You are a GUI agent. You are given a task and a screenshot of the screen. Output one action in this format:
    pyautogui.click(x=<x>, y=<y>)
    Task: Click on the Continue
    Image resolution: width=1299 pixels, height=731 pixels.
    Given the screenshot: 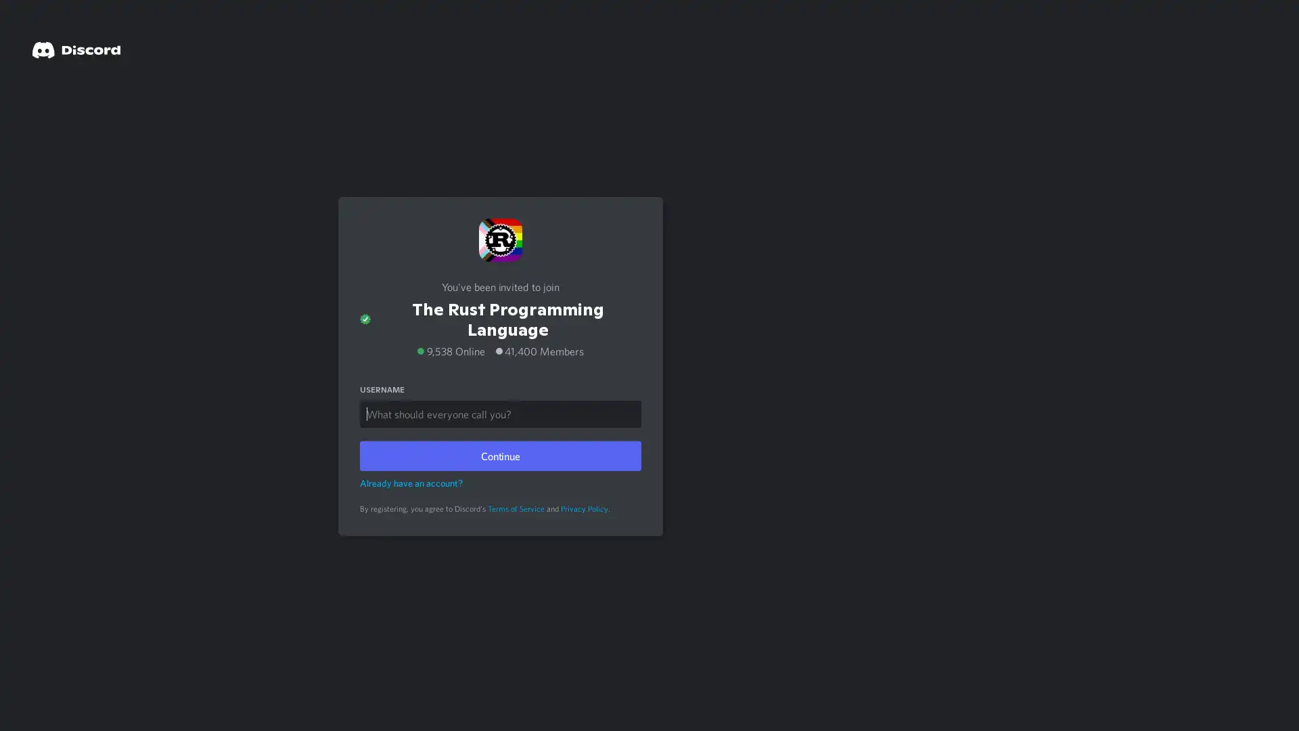 What is the action you would take?
    pyautogui.click(x=499, y=454)
    